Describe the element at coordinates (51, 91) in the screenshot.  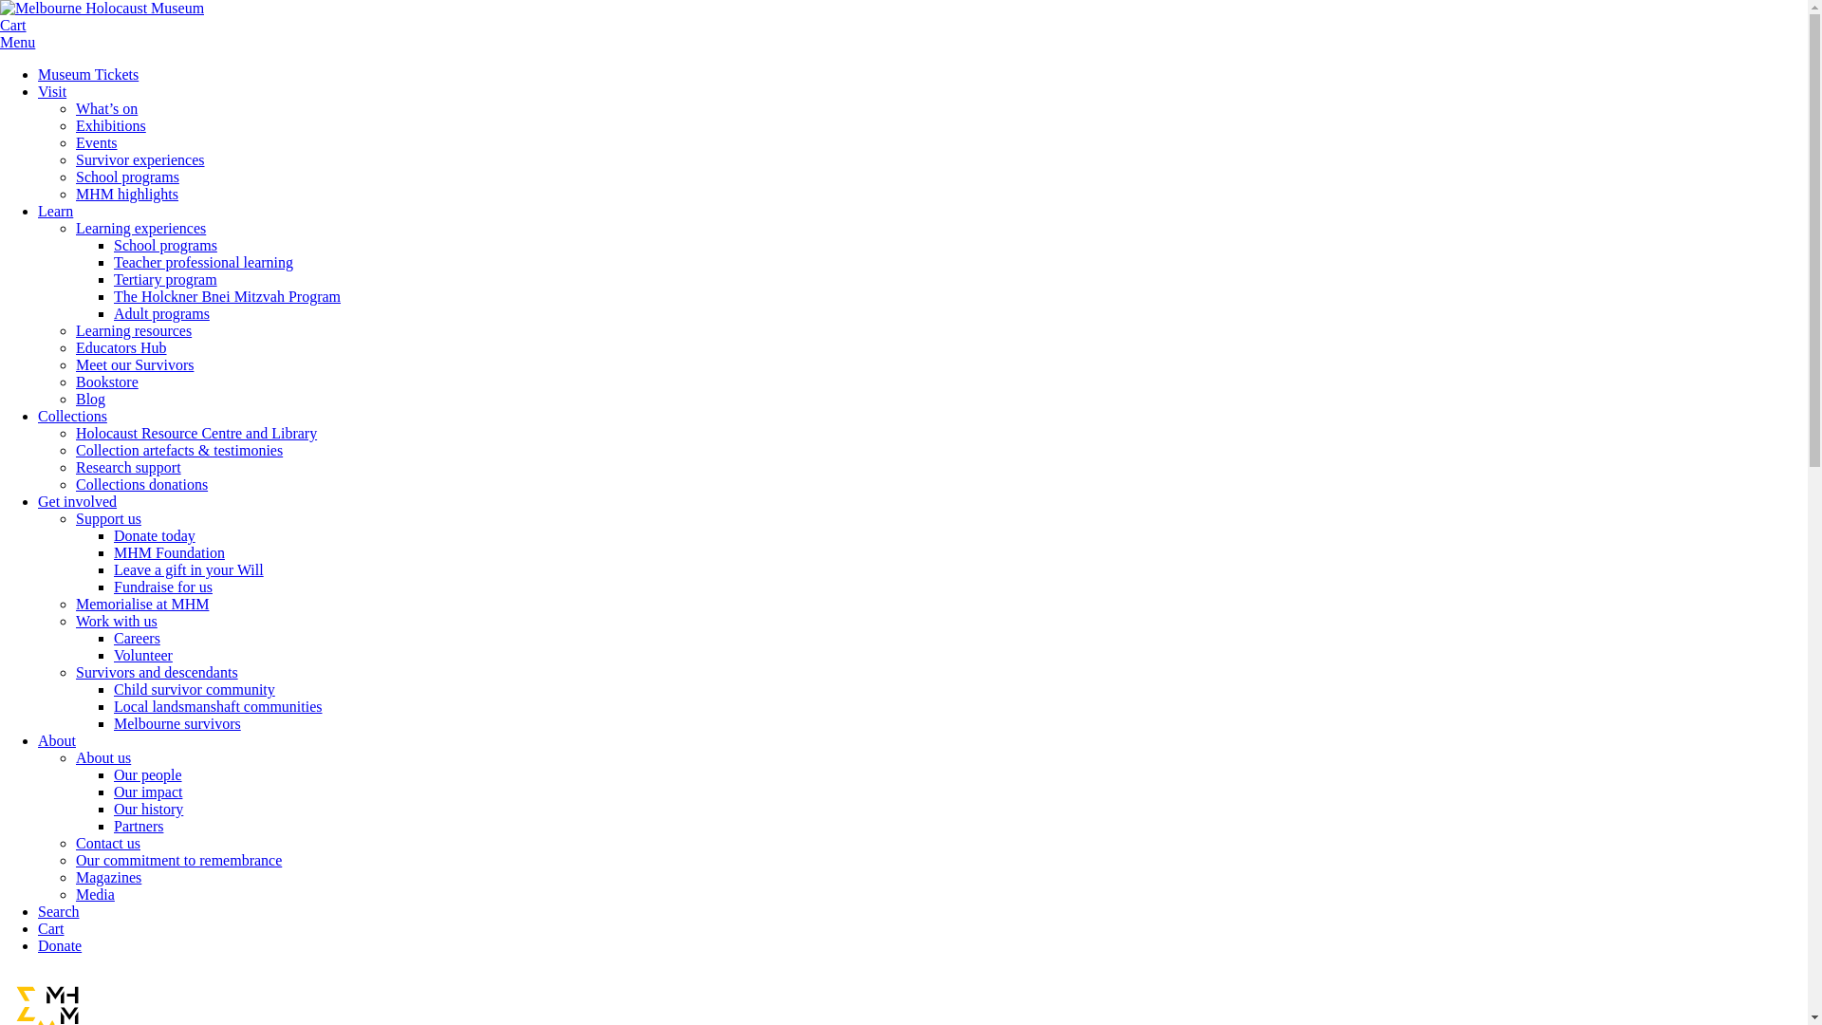
I see `'Visit'` at that location.